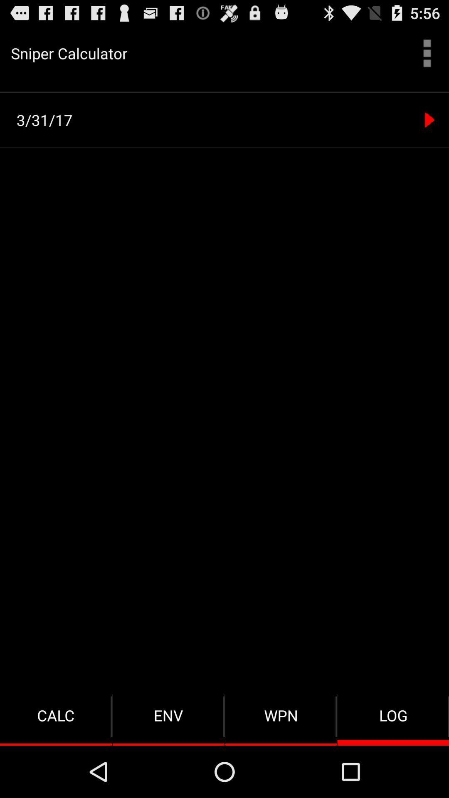 The height and width of the screenshot is (798, 449). What do you see at coordinates (427, 53) in the screenshot?
I see `the item next to sniper calculator item` at bounding box center [427, 53].